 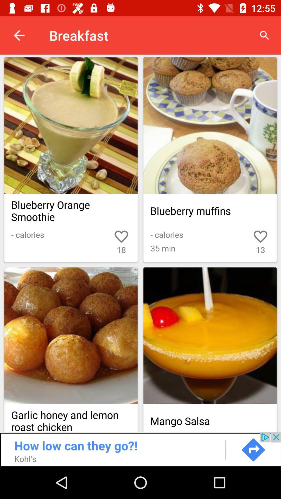 What do you see at coordinates (210, 336) in the screenshot?
I see `mango salsa` at bounding box center [210, 336].